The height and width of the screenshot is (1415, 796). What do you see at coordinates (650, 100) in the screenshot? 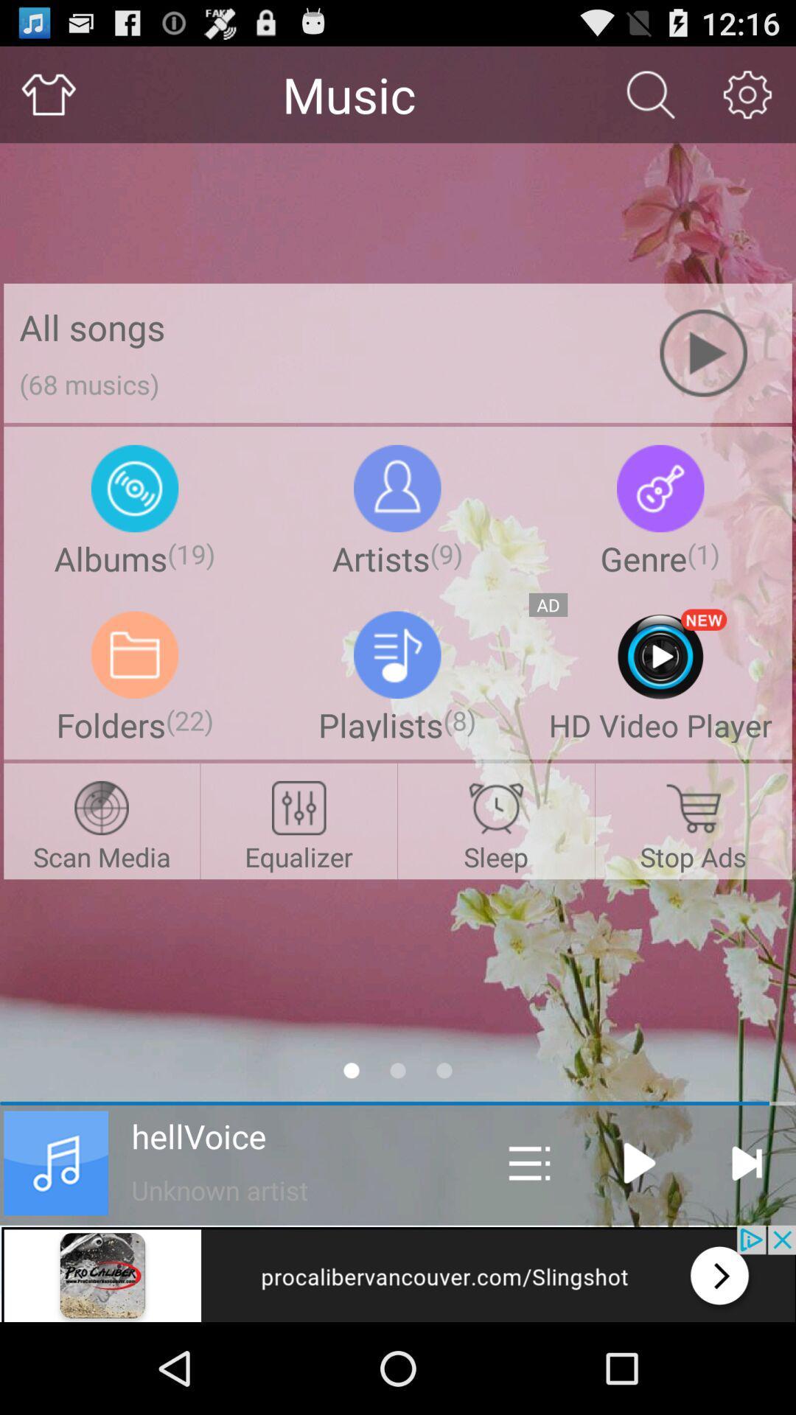
I see `the search icon` at bounding box center [650, 100].